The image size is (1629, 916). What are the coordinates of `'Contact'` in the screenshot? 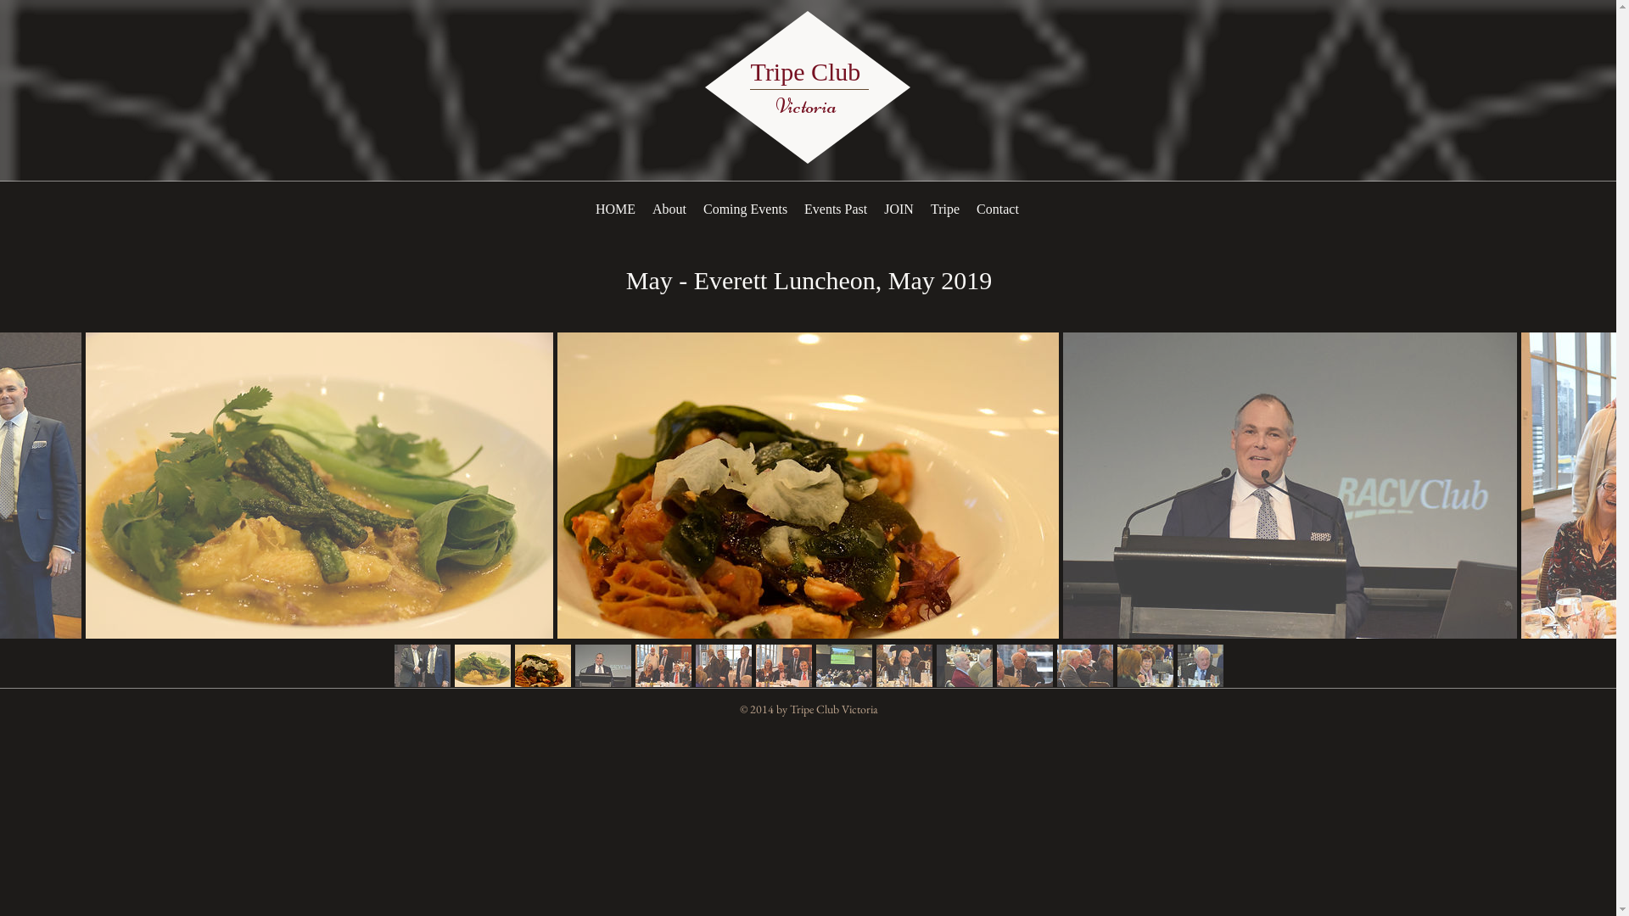 It's located at (968, 208).